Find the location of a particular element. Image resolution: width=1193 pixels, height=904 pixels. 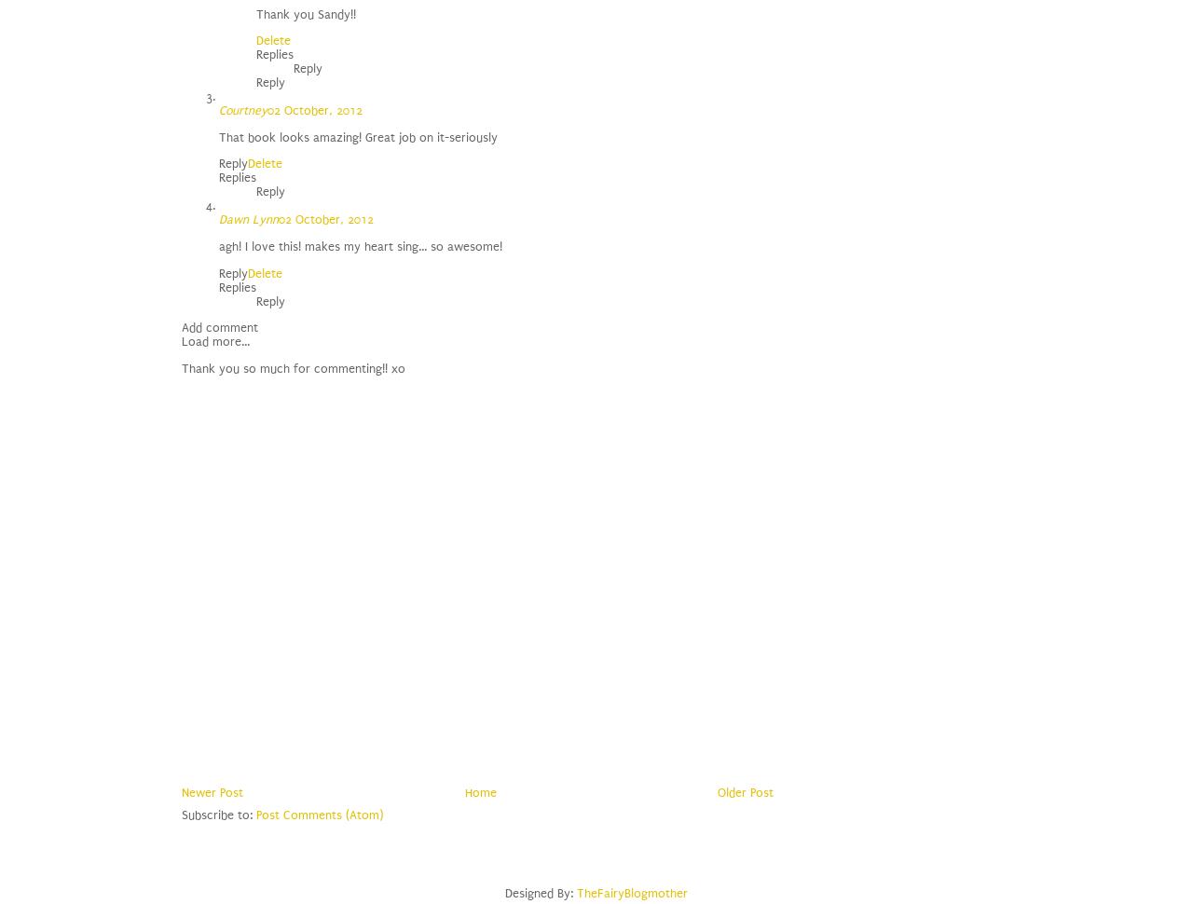

'Courtney' is located at coordinates (241, 110).